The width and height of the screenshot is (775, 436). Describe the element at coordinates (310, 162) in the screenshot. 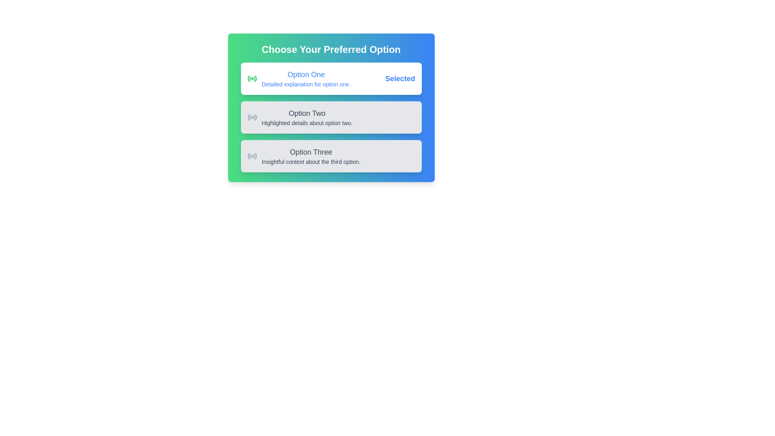

I see `text label stating 'Insightful context about the third option.' positioned below 'Option Three'` at that location.